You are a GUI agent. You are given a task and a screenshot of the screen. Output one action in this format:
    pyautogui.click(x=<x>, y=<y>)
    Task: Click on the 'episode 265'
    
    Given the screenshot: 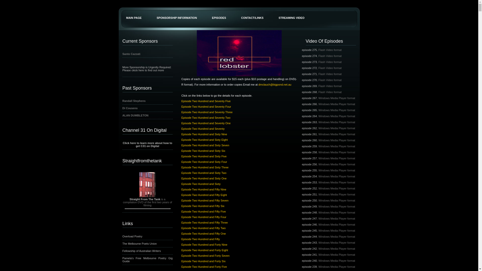 What is the action you would take?
    pyautogui.click(x=309, y=110)
    